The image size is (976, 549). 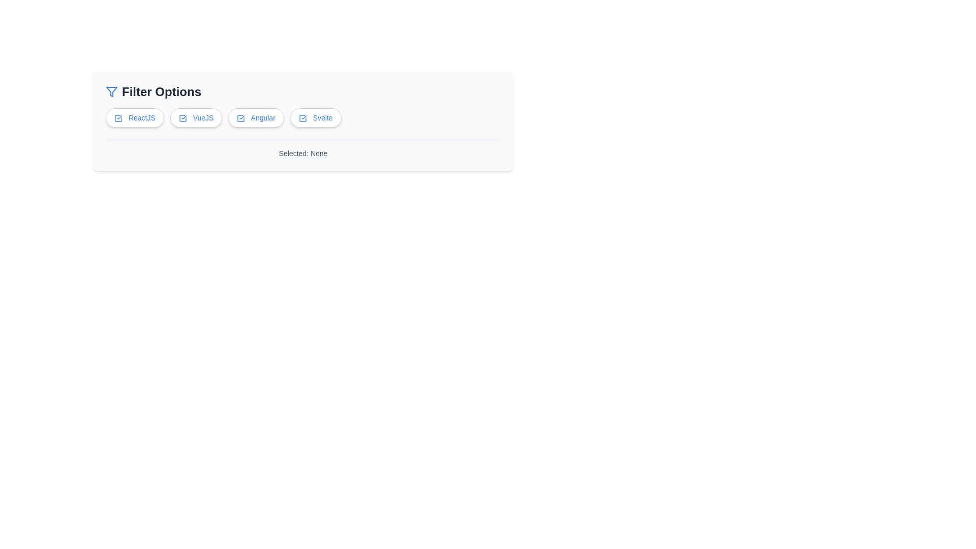 I want to click on the Checkbox button labeled 'VueJS', so click(x=196, y=117).